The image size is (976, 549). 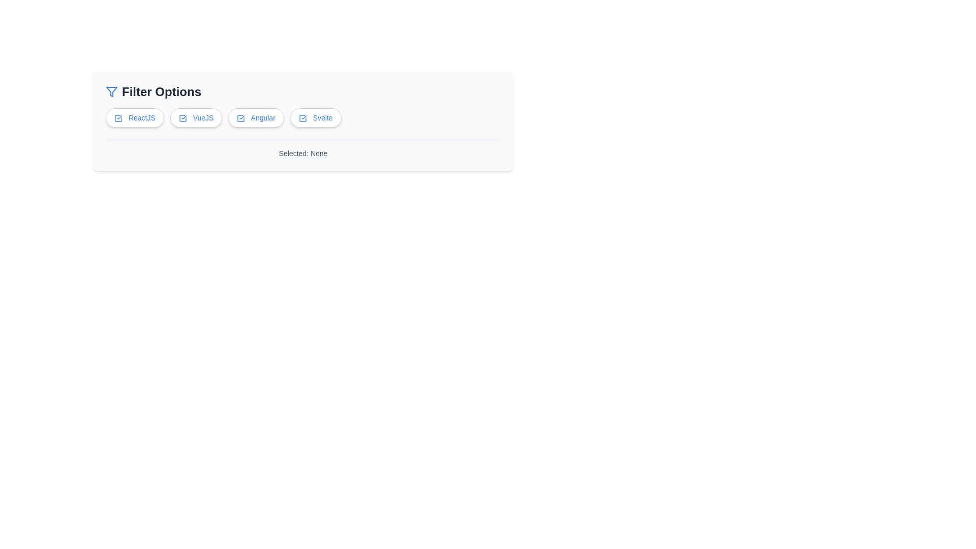 I want to click on the Checkbox button labeled 'VueJS', so click(x=196, y=117).